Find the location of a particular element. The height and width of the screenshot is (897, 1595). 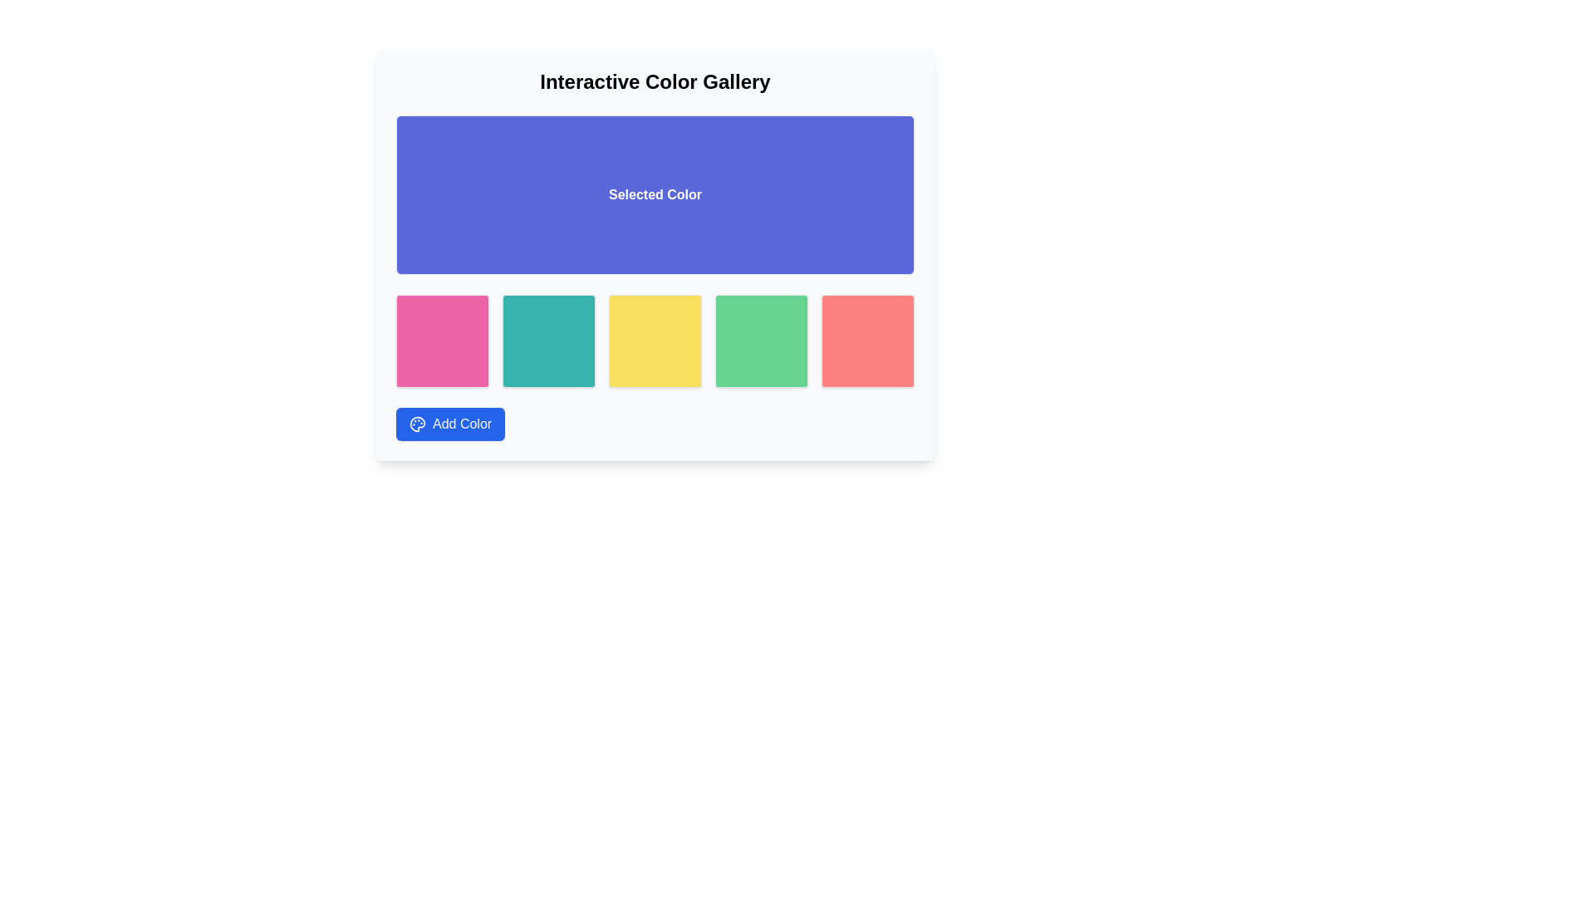

the first selectable color box with a pink background is located at coordinates (442, 341).